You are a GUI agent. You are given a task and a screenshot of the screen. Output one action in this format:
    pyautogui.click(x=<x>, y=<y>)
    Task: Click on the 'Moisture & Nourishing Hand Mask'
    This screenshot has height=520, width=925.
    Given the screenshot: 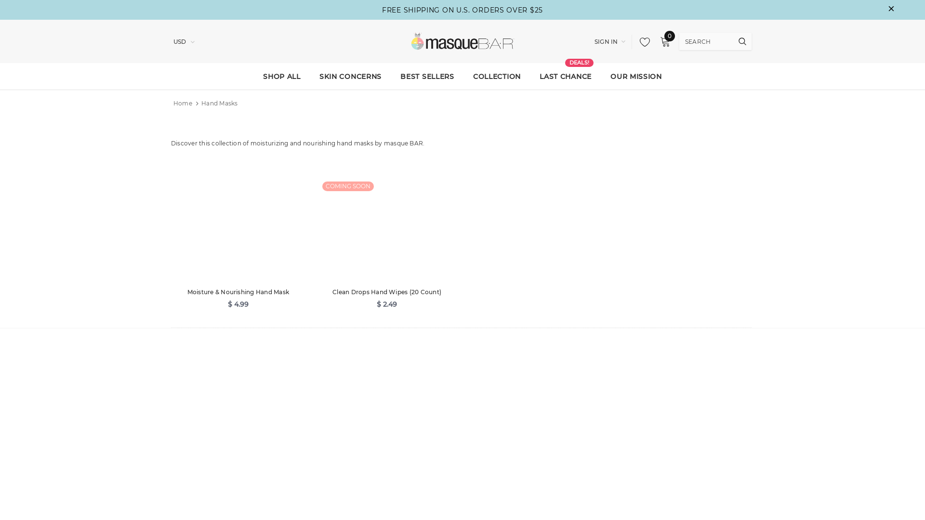 What is the action you would take?
    pyautogui.click(x=238, y=291)
    